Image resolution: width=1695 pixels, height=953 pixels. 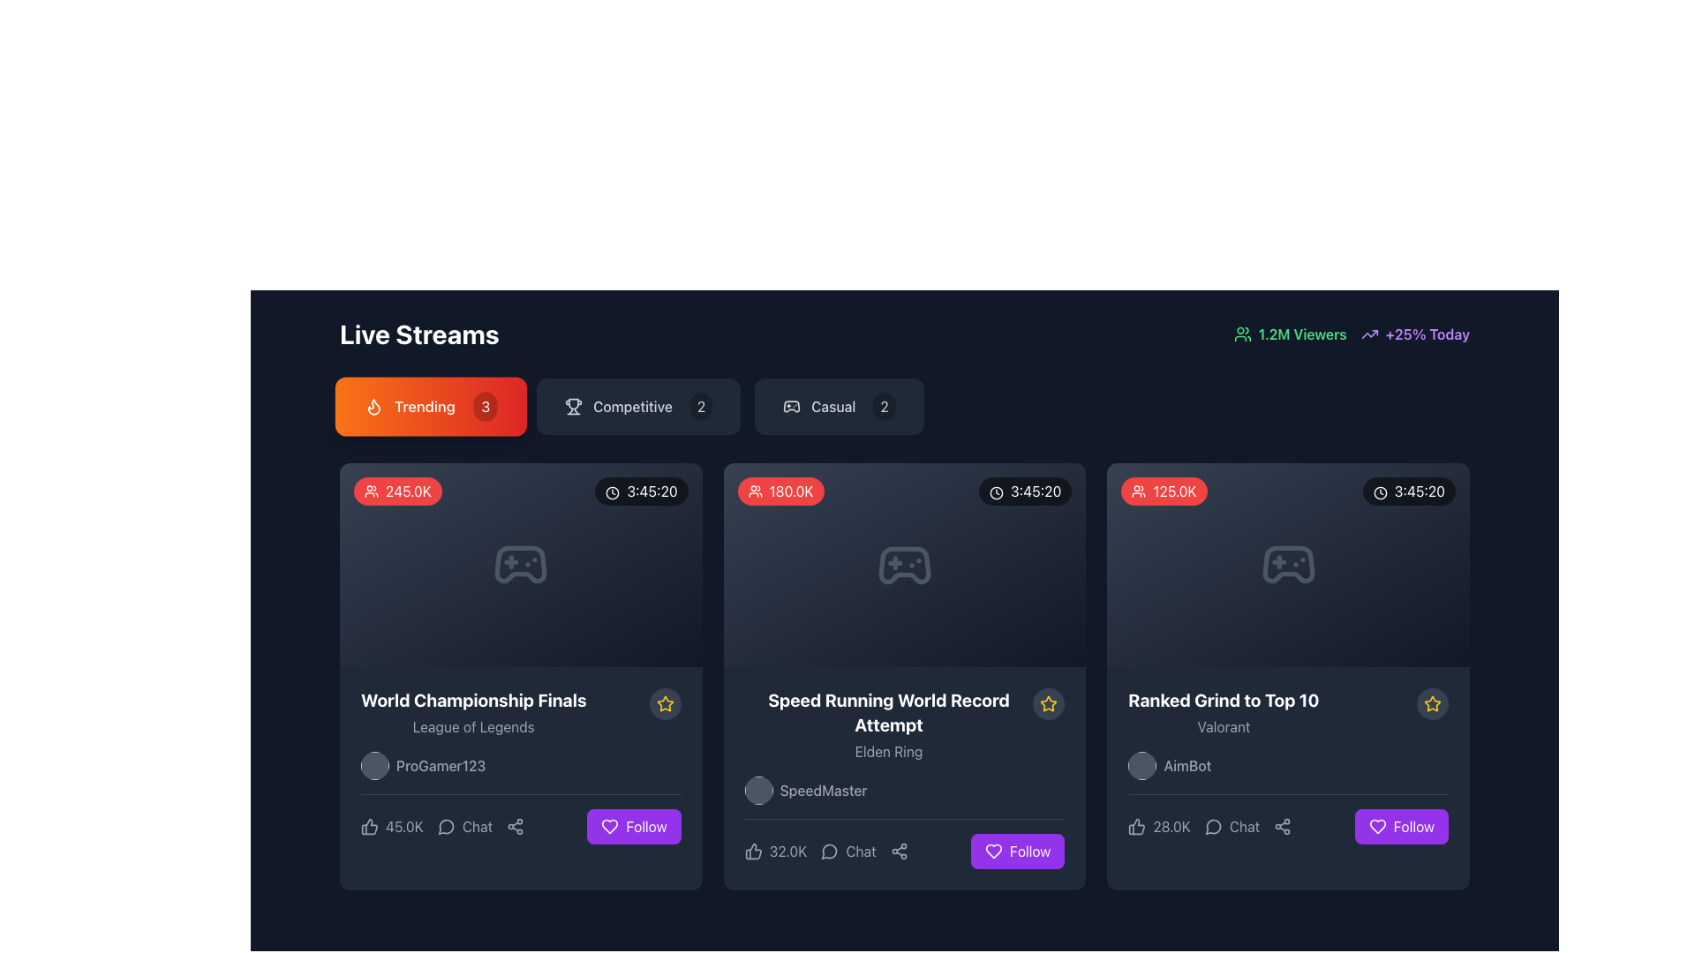 What do you see at coordinates (829, 850) in the screenshot?
I see `the circular chat bubble icon located to the left of the 'Chat' text` at bounding box center [829, 850].